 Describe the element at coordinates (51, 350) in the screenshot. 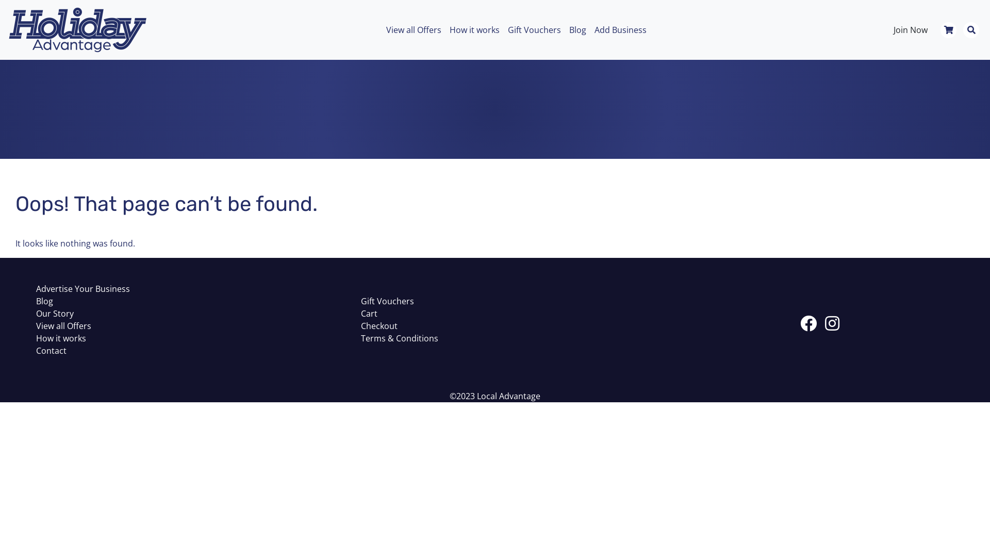

I see `'Contact'` at that location.